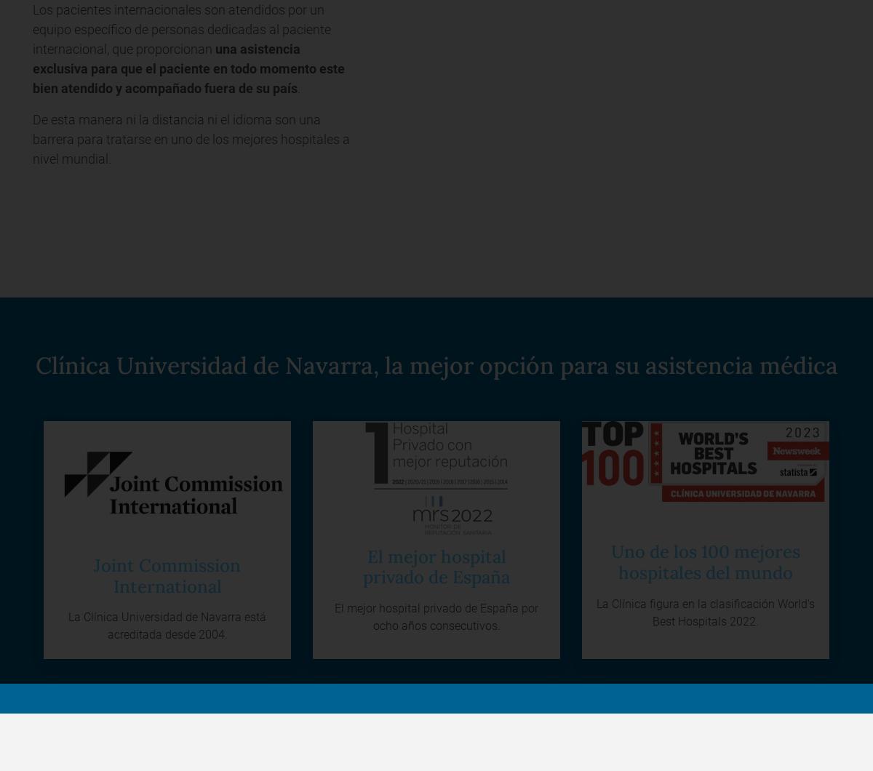  Describe the element at coordinates (180, 29) in the screenshot. I see `'Los pacientes internacionales son atendidos por un equipo específico de personas dedicadas al paciente internacional, que proporcionan'` at that location.